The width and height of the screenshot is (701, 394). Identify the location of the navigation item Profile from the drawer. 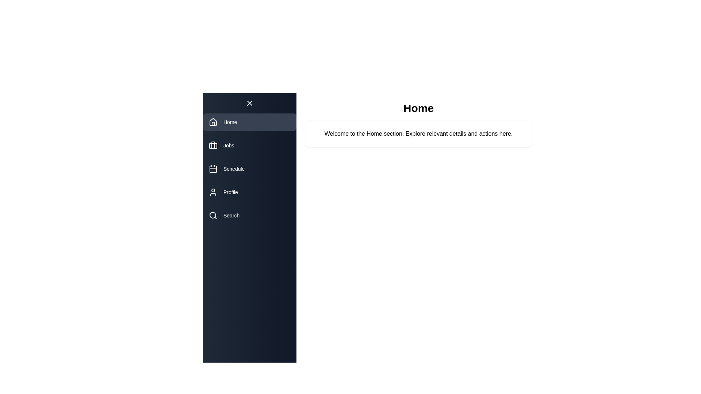
(250, 192).